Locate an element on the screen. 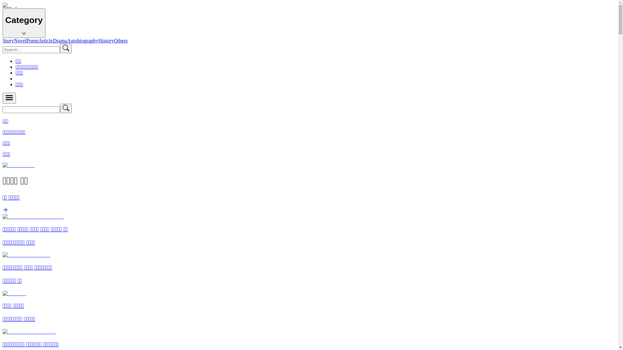  'Article' is located at coordinates (45, 41).